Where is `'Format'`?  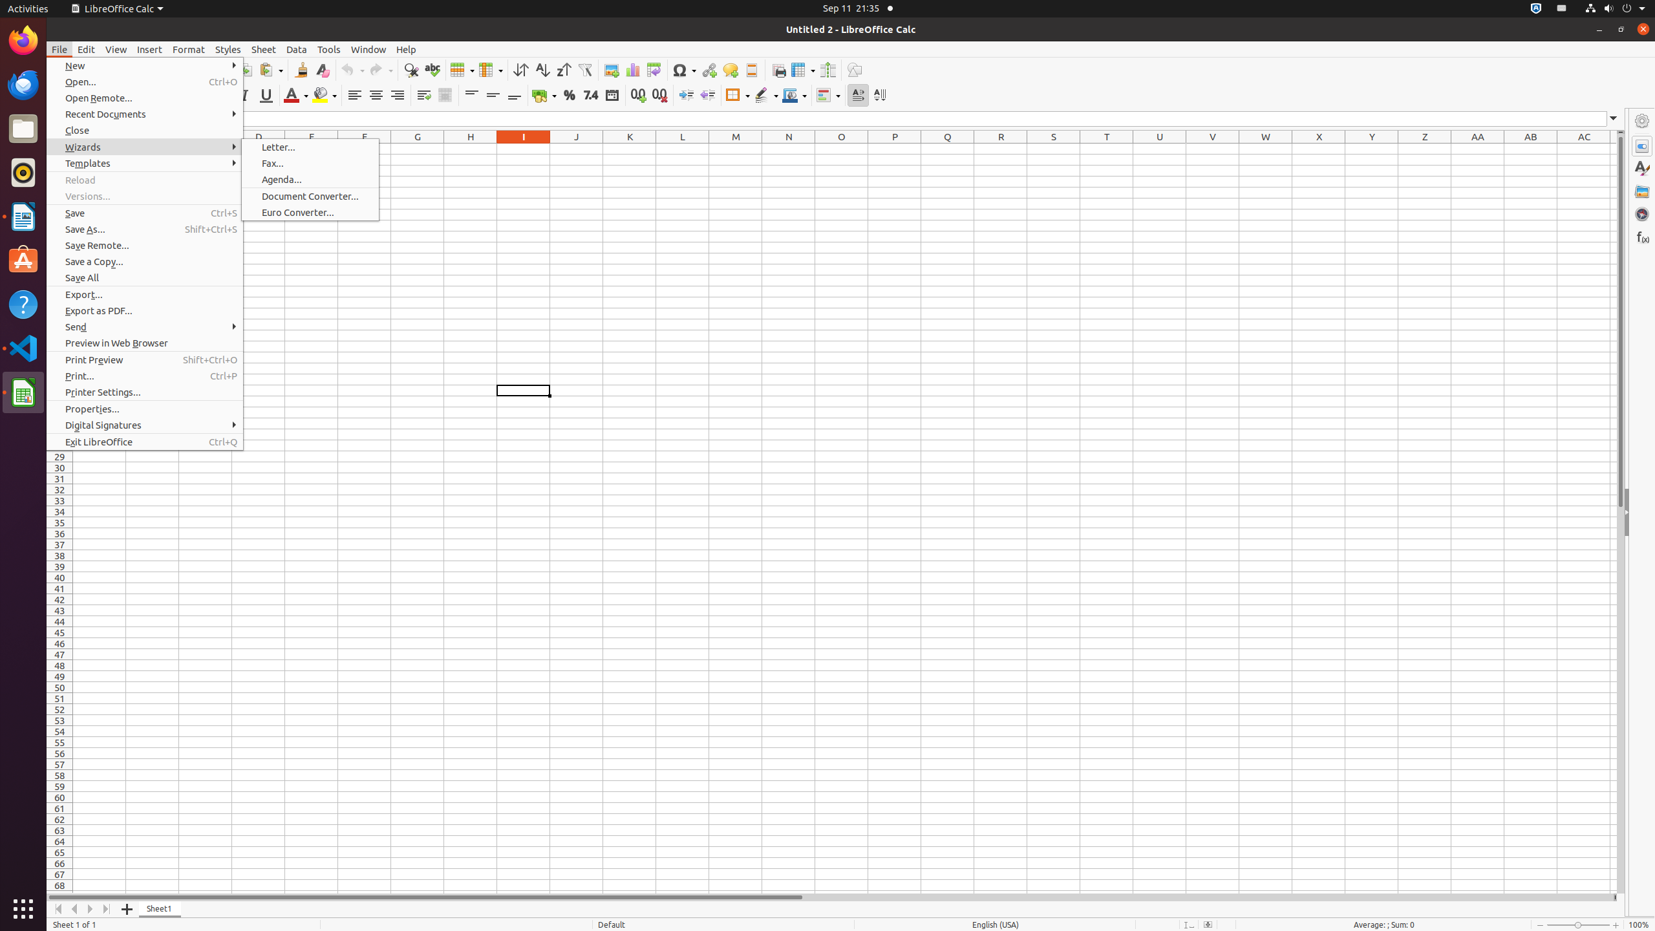
'Format' is located at coordinates (189, 49).